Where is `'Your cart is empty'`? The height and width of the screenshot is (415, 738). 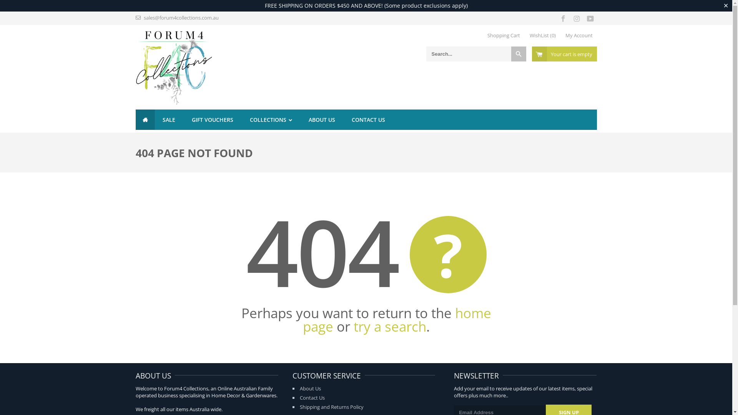
'Your cart is empty' is located at coordinates (564, 53).